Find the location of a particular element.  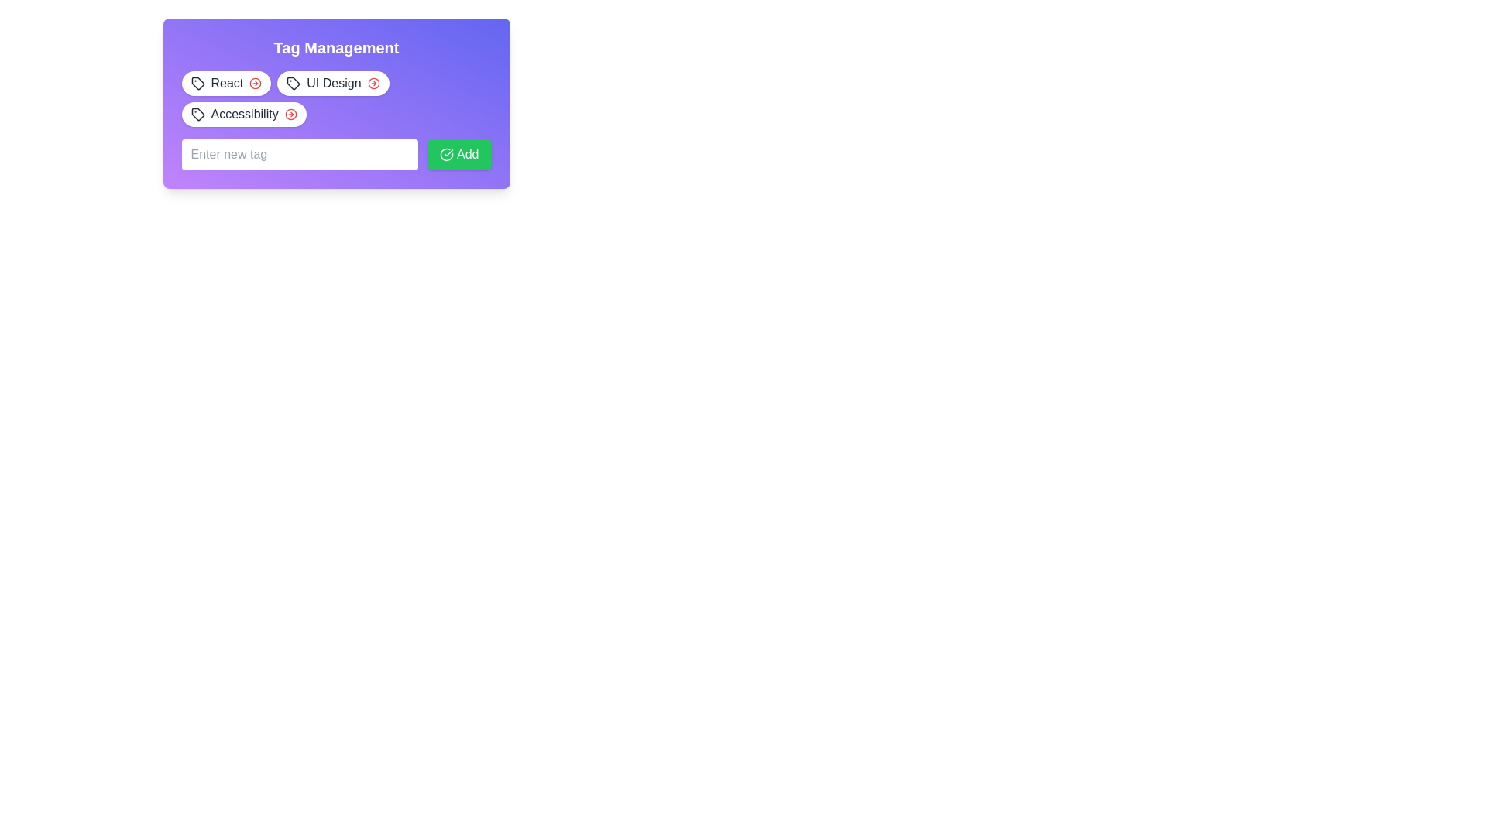

the 'tag' icon located to the left of the 'UI Design' text in the tag management section, which is styled as a minimalist SVG with a black outline and a circular dot on its upper-left corner is located at coordinates (294, 84).